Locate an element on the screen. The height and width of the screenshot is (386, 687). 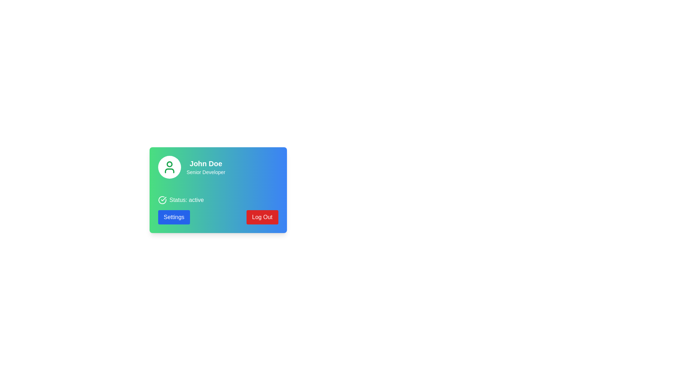
the circular green check icon, which serves as a status indicator for 'Status: active' is located at coordinates (162, 200).